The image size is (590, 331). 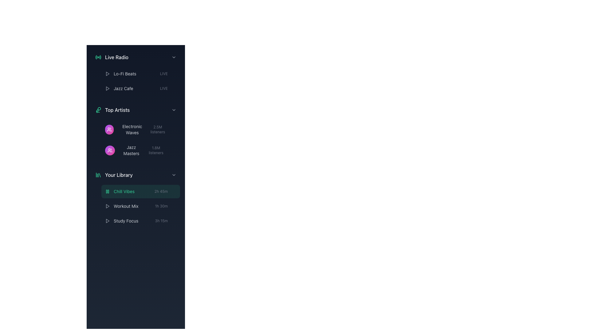 I want to click on the Chevron icon located at the far right of the 'Top Artists' section header, so click(x=174, y=109).